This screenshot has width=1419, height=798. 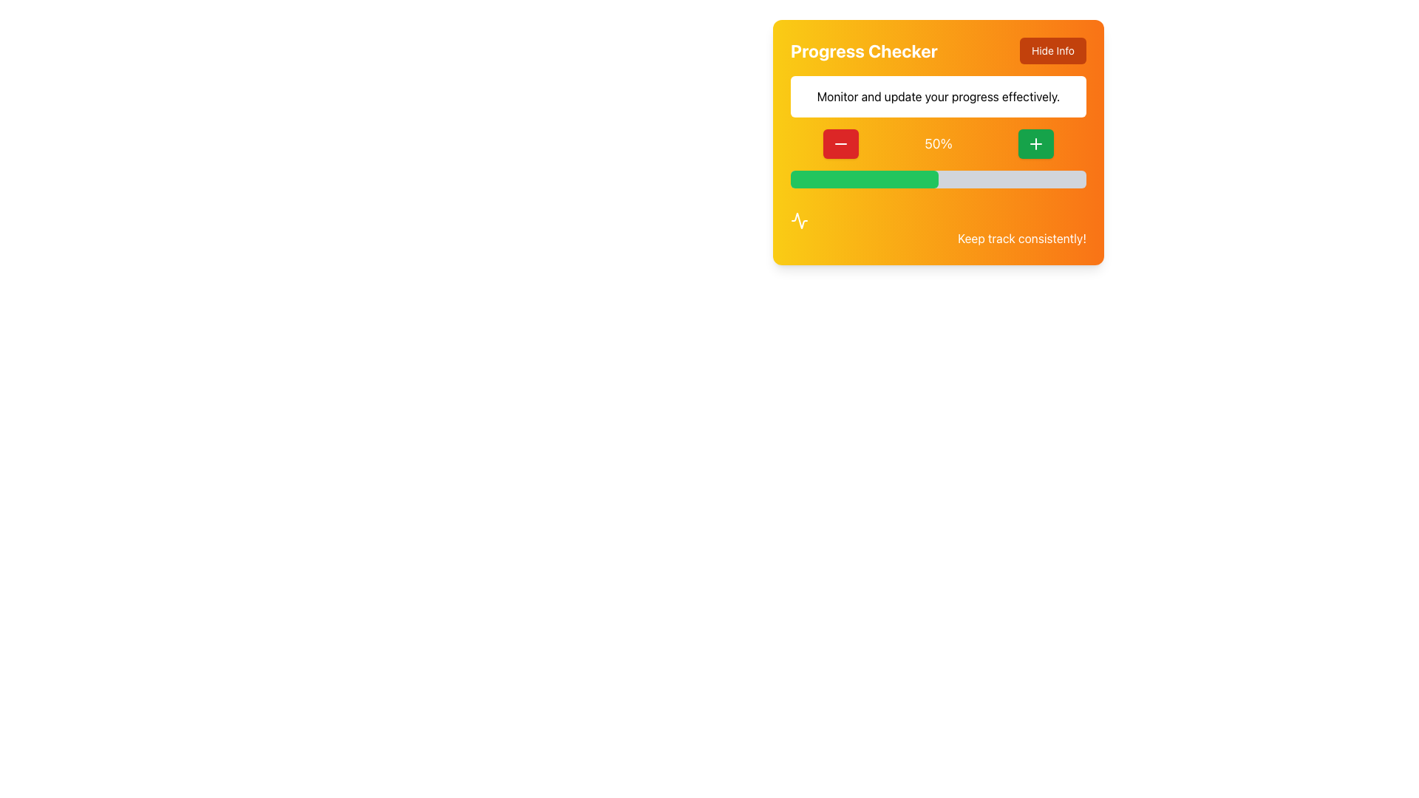 What do you see at coordinates (938, 144) in the screenshot?
I see `the Text Display element that shows the current progress level in percentage format, positioned in the middle of the Progress Checker card, flanked by a minus button on the left and a plus button on the right` at bounding box center [938, 144].